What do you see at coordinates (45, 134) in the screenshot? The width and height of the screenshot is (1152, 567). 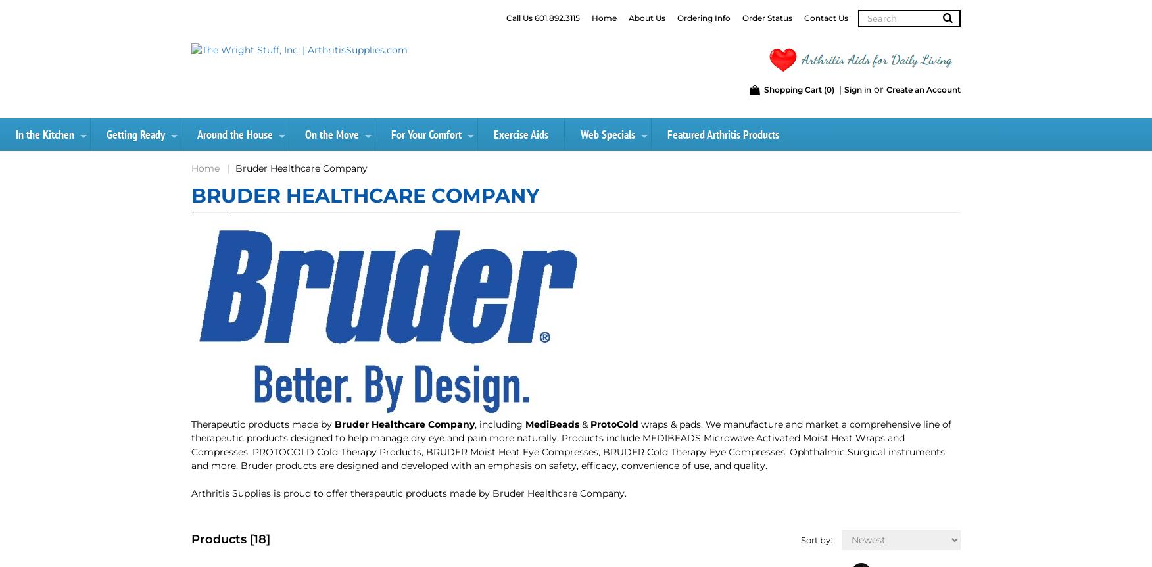 I see `'In the Kitchen'` at bounding box center [45, 134].